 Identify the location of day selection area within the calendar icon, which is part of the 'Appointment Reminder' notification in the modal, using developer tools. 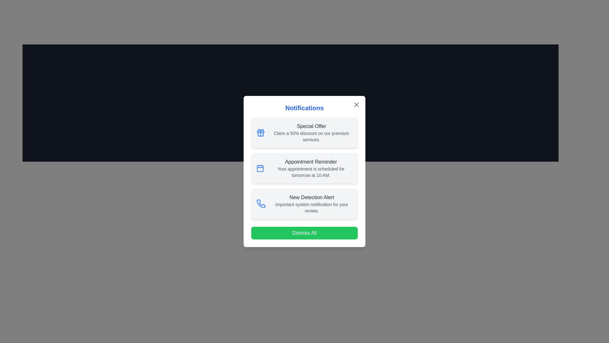
(260, 168).